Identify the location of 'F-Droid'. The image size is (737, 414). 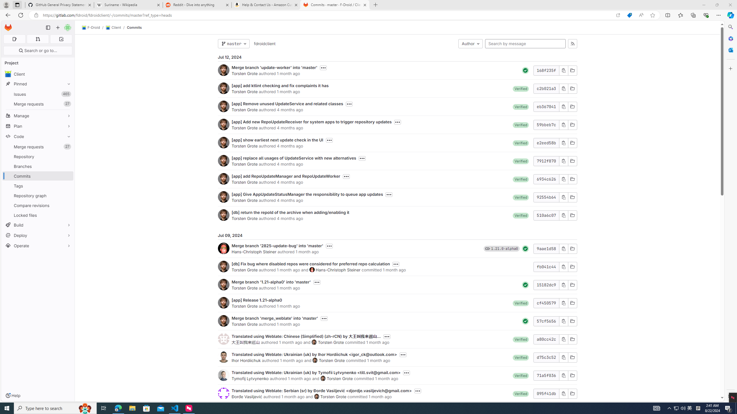
(91, 27).